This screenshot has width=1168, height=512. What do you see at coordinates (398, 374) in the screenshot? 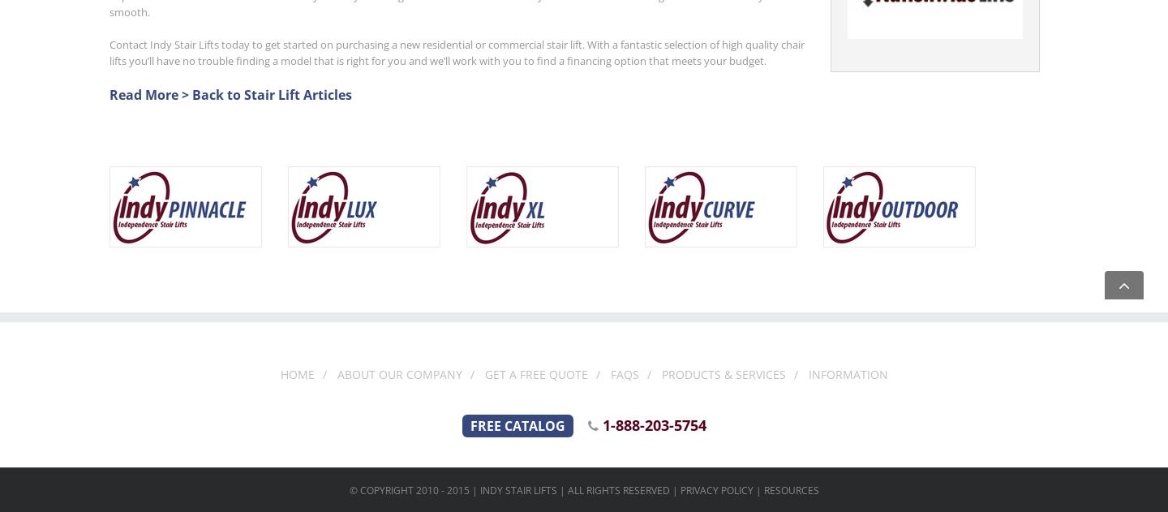
I see `'About Our Company'` at bounding box center [398, 374].